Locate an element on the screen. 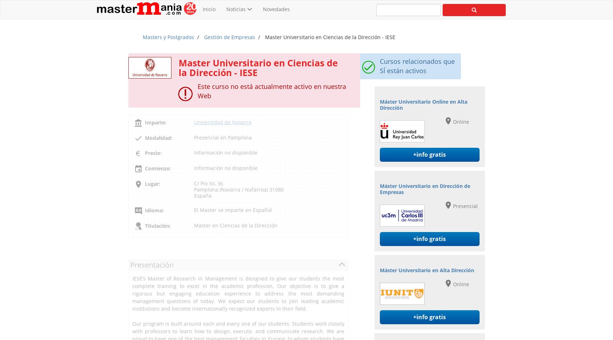  'Presencial en Pamplona' is located at coordinates (222, 137).